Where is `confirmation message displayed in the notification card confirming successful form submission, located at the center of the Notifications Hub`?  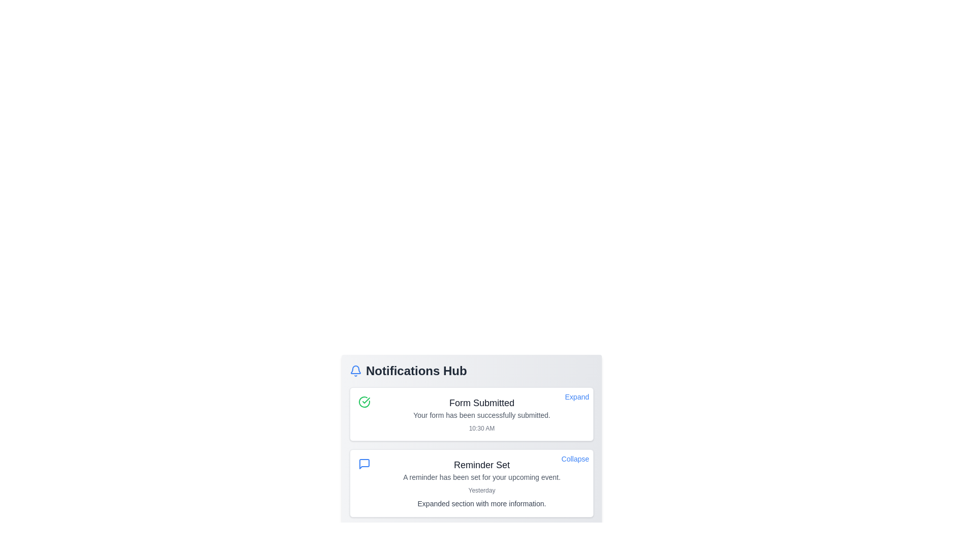 confirmation message displayed in the notification card confirming successful form submission, located at the center of the Notifications Hub is located at coordinates (481, 414).